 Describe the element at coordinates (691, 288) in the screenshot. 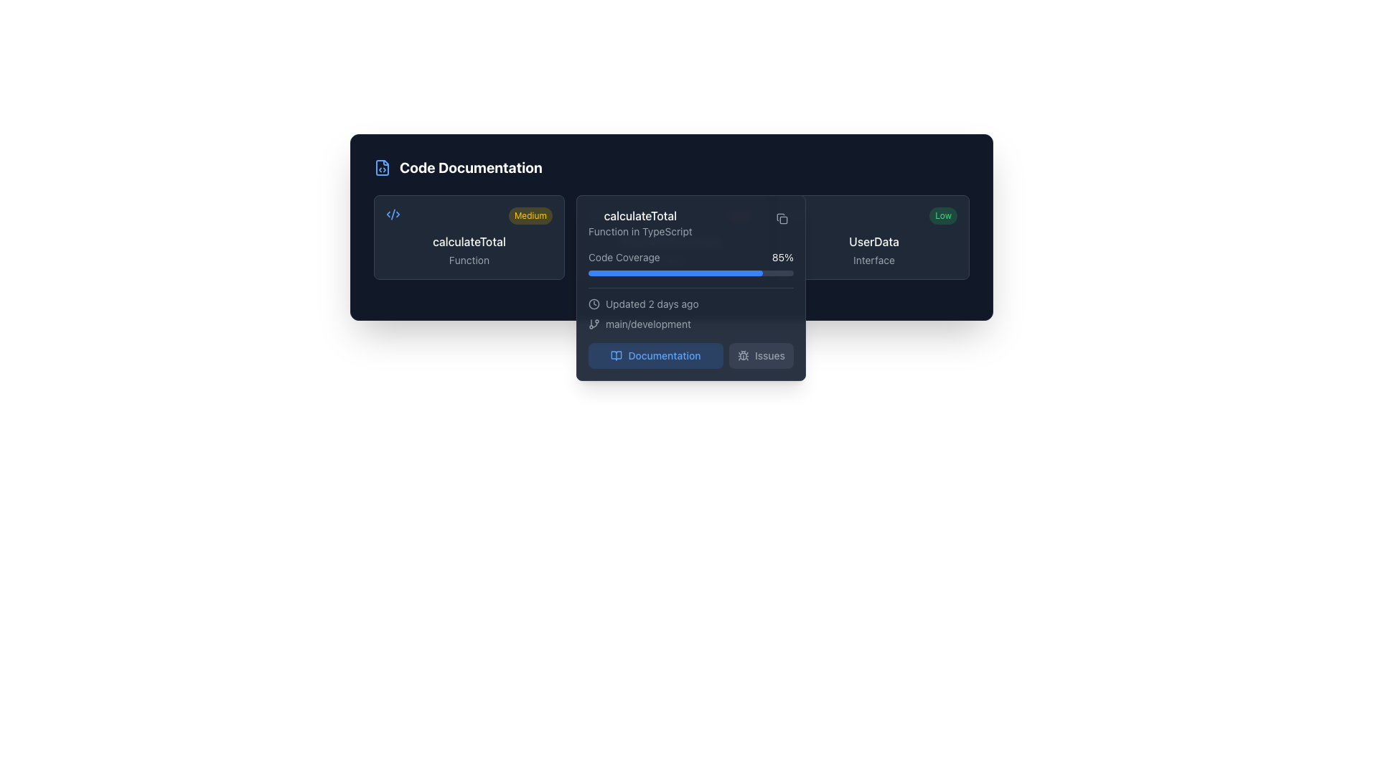

I see `the 'Issues' button located within the Information panel, which provides options for the 'calculateTotal' function` at that location.